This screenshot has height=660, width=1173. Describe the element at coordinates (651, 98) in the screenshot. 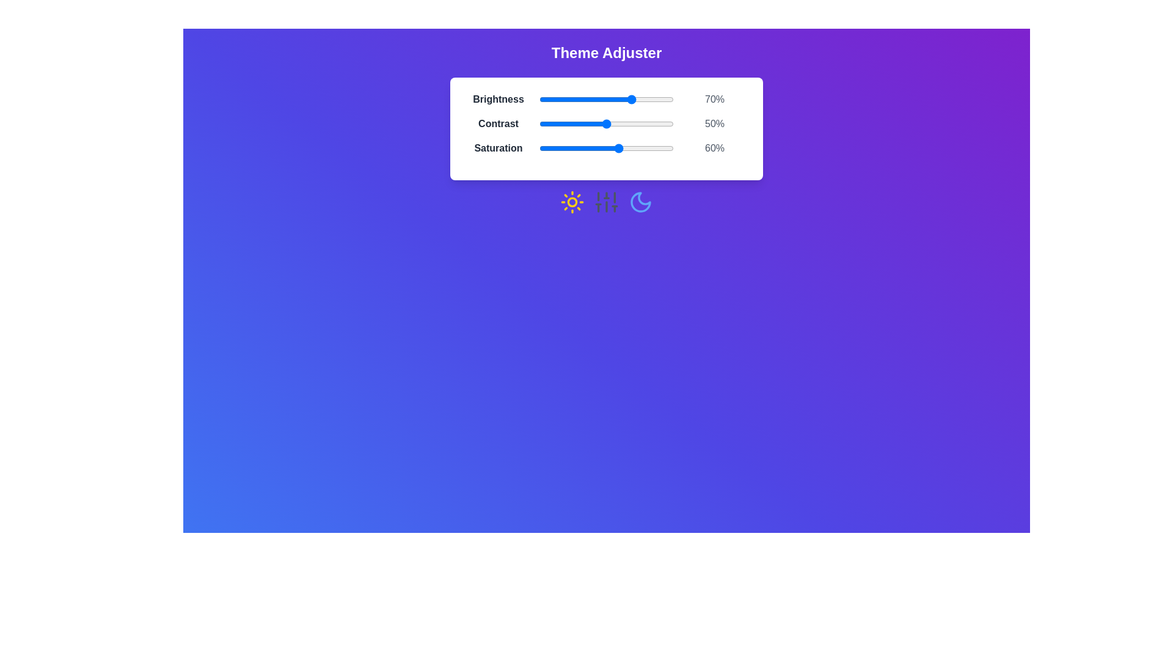

I see `the 0 slider to 84%` at that location.